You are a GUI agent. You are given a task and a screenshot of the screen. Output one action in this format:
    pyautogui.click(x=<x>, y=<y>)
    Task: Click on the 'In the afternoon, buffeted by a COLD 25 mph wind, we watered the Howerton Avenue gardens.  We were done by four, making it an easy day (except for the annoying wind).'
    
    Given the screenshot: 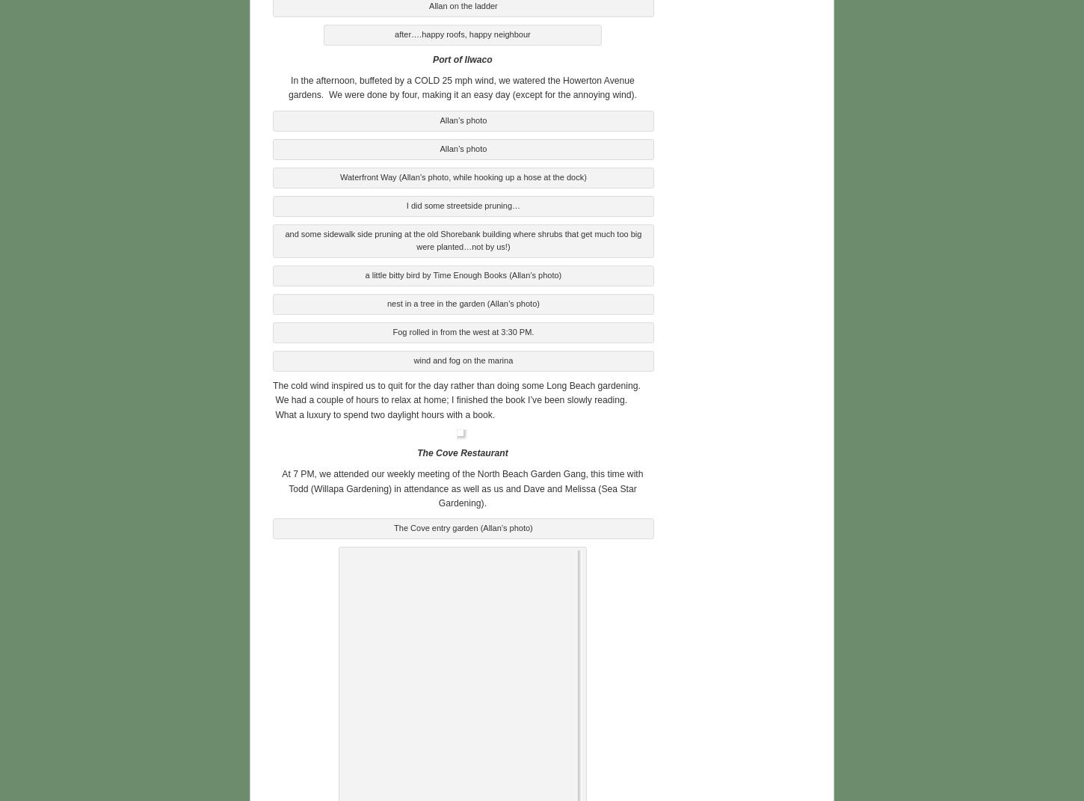 What is the action you would take?
    pyautogui.click(x=461, y=86)
    